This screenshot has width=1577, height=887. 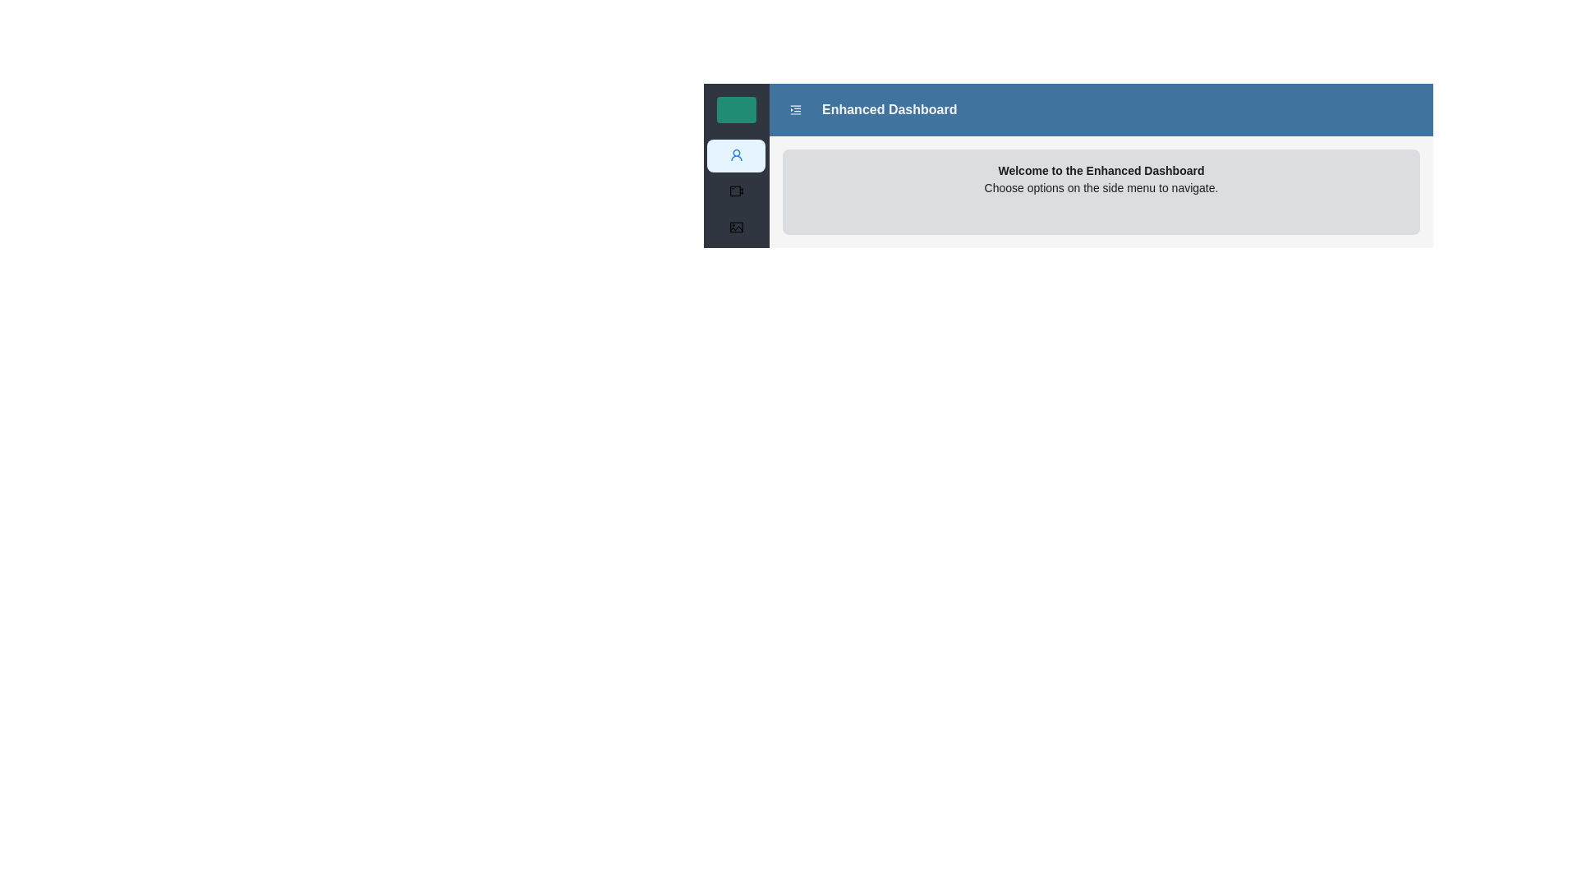 I want to click on the 'Enhanced Dashboard' text label located in the navigation header bar, which serves as a title indicating the current section of the application, so click(x=889, y=110).